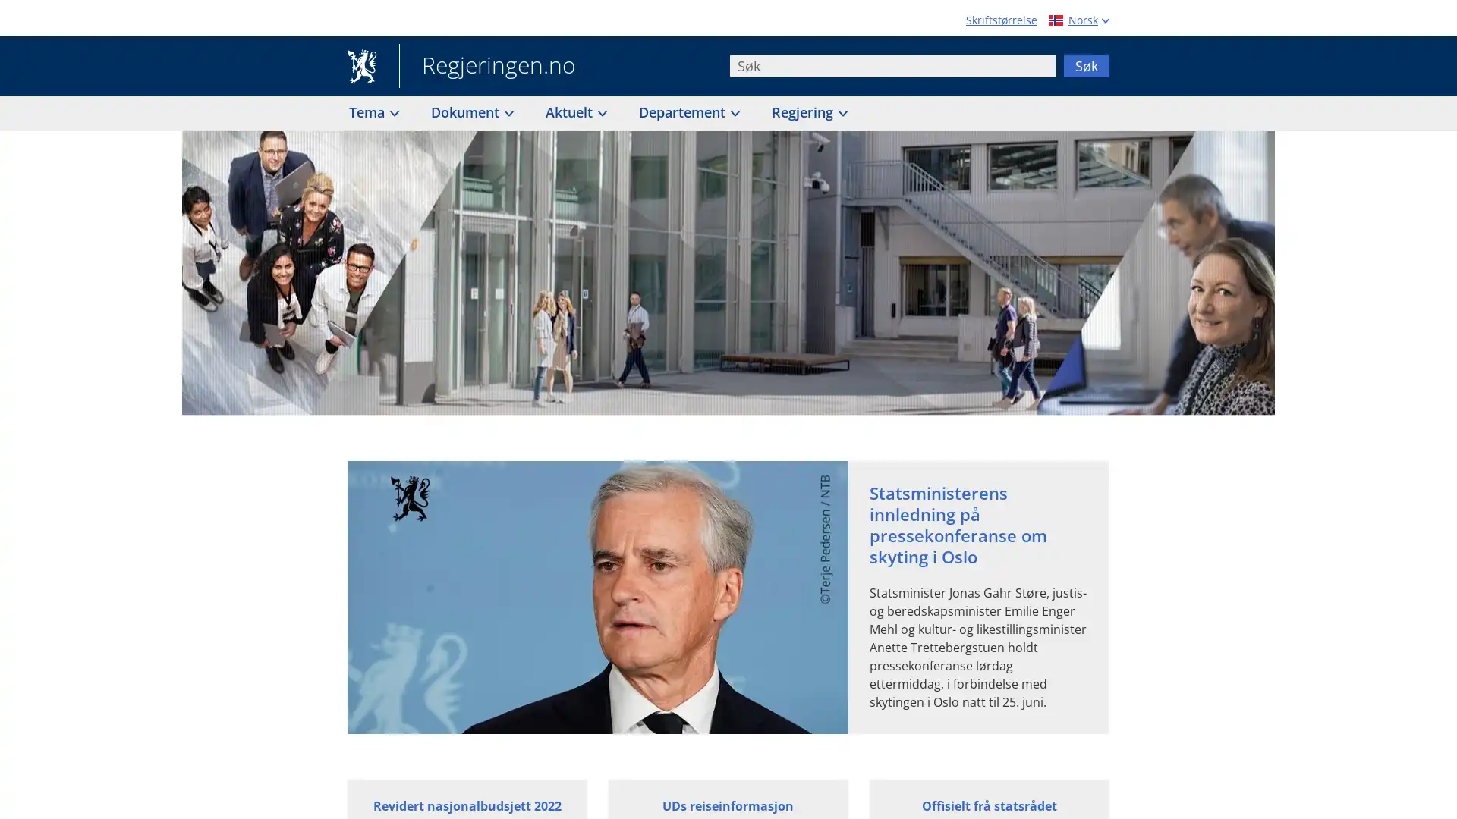 This screenshot has width=1457, height=819. I want to click on Dokument, so click(470, 111).